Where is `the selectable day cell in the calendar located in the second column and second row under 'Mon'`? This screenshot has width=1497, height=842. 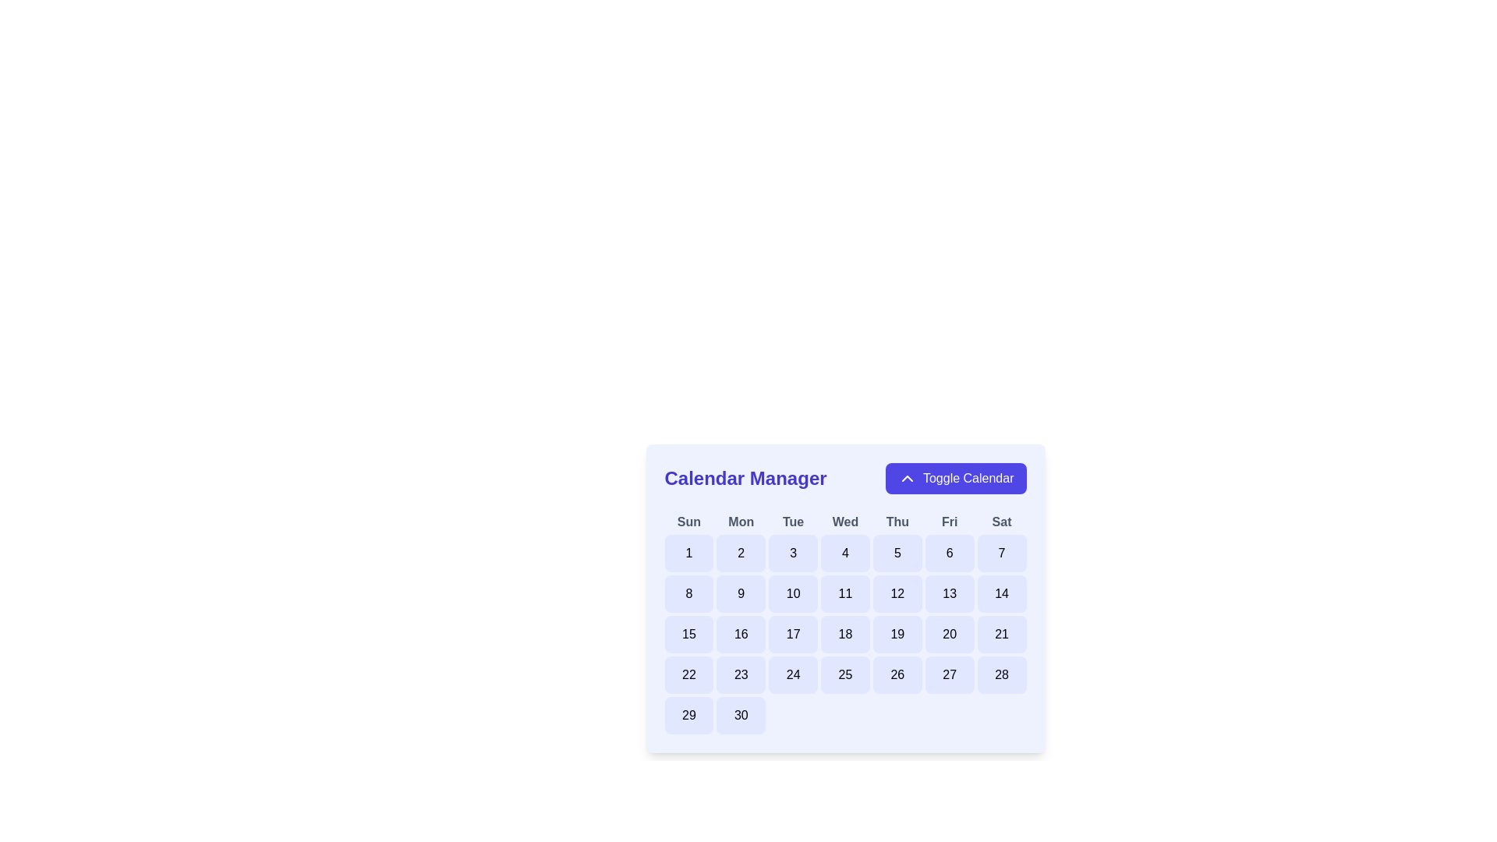 the selectable day cell in the calendar located in the second column and second row under 'Mon' is located at coordinates (740, 594).